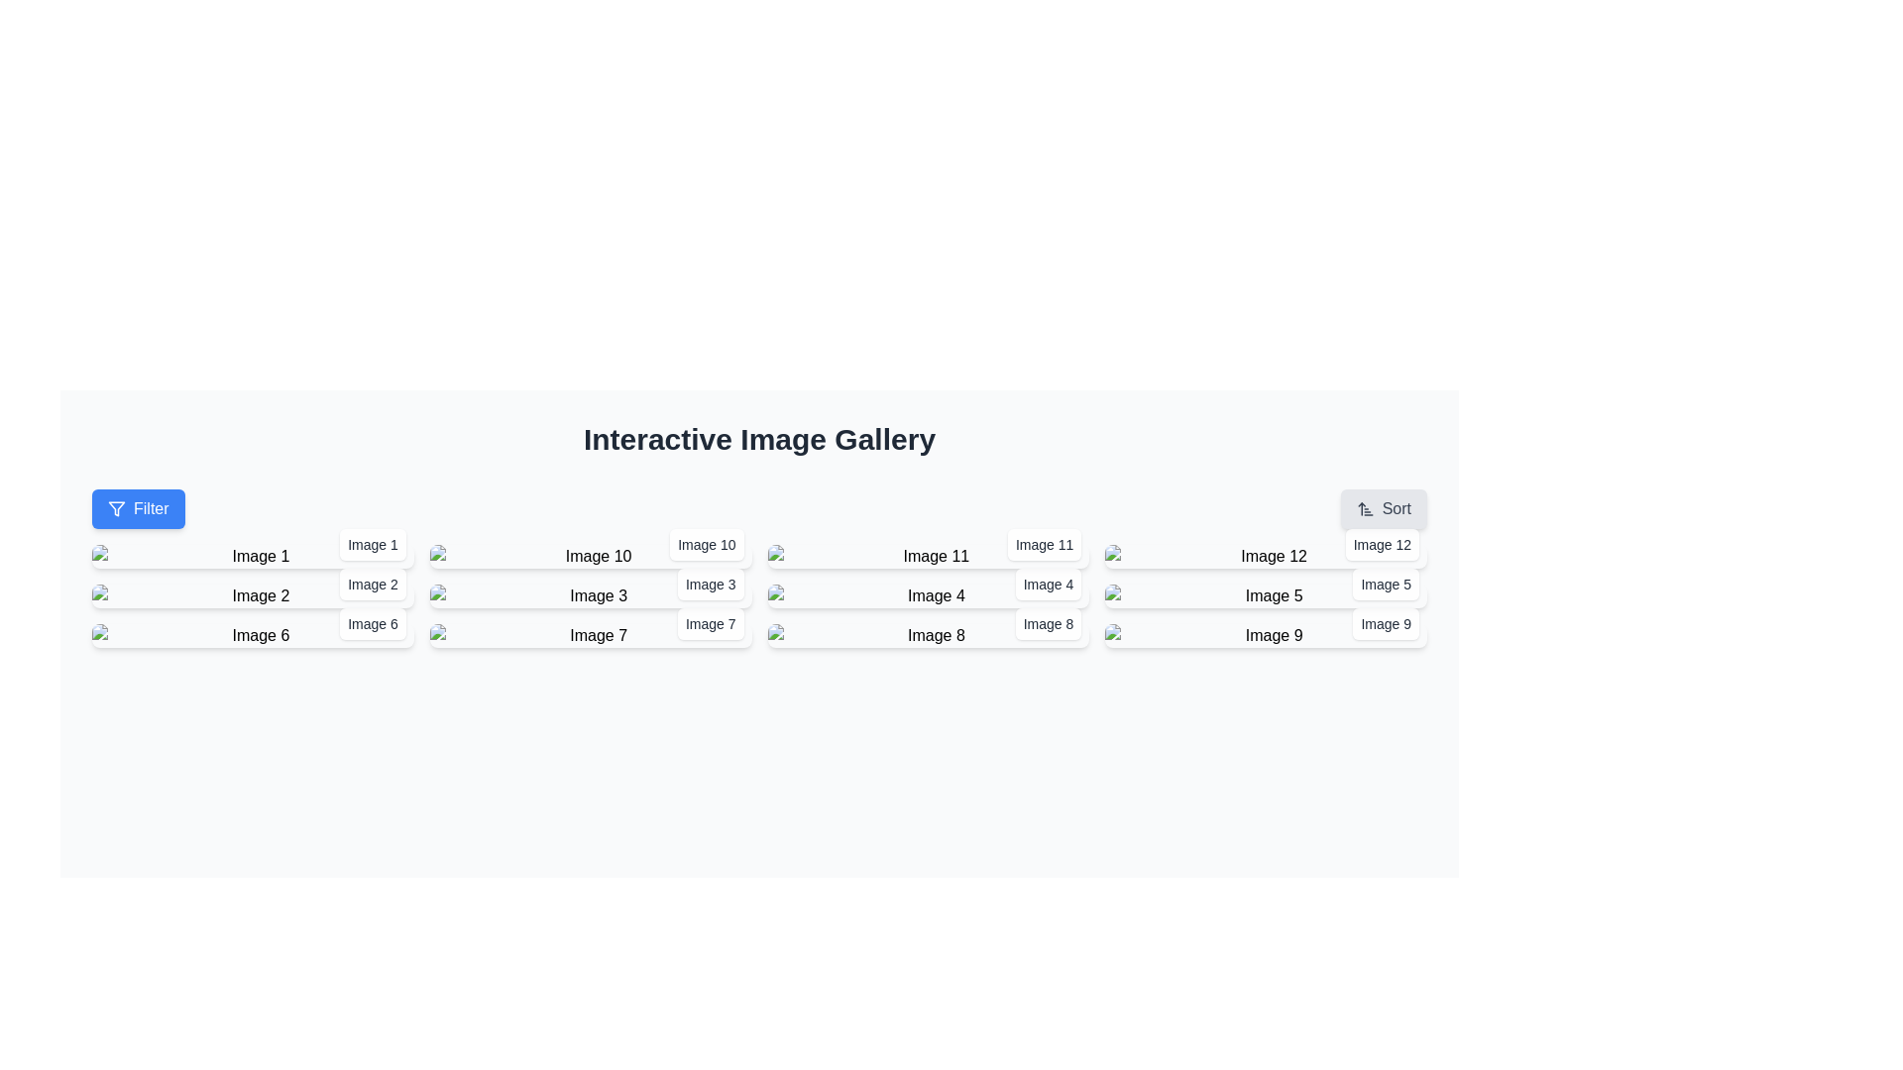 The width and height of the screenshot is (1903, 1070). I want to click on to select the gallery item labeled 'Image 12', which is located in the fourth column of the first row in the image gallery, so click(1265, 557).